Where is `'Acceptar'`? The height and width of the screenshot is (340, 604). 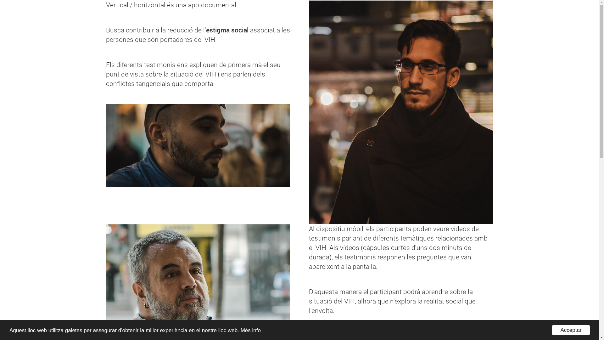
'Acceptar' is located at coordinates (571, 330).